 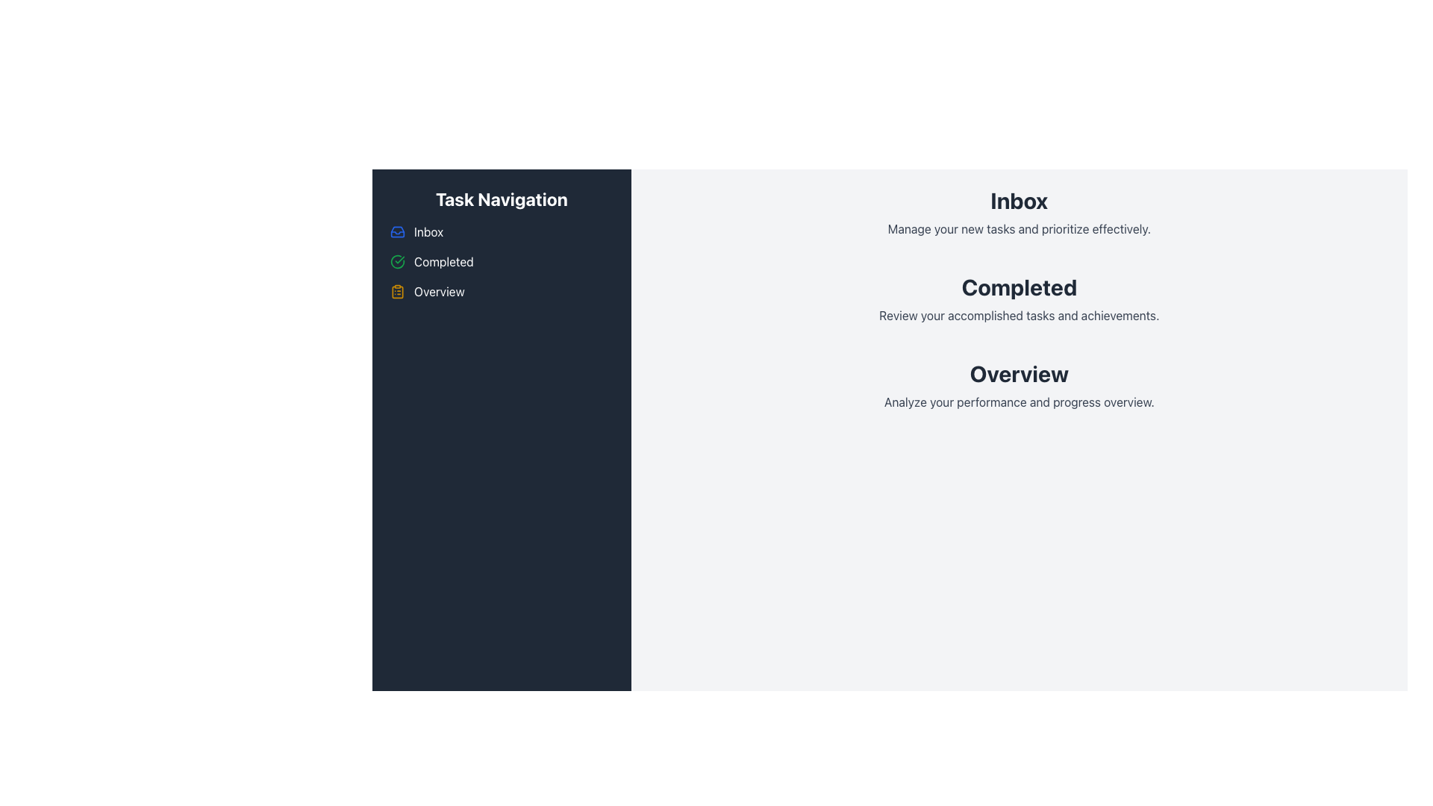 I want to click on the label that reads 'Review your accomplished tasks and achievements.' which is styled in gray and located below the 'Completed' heading, so click(x=1018, y=315).